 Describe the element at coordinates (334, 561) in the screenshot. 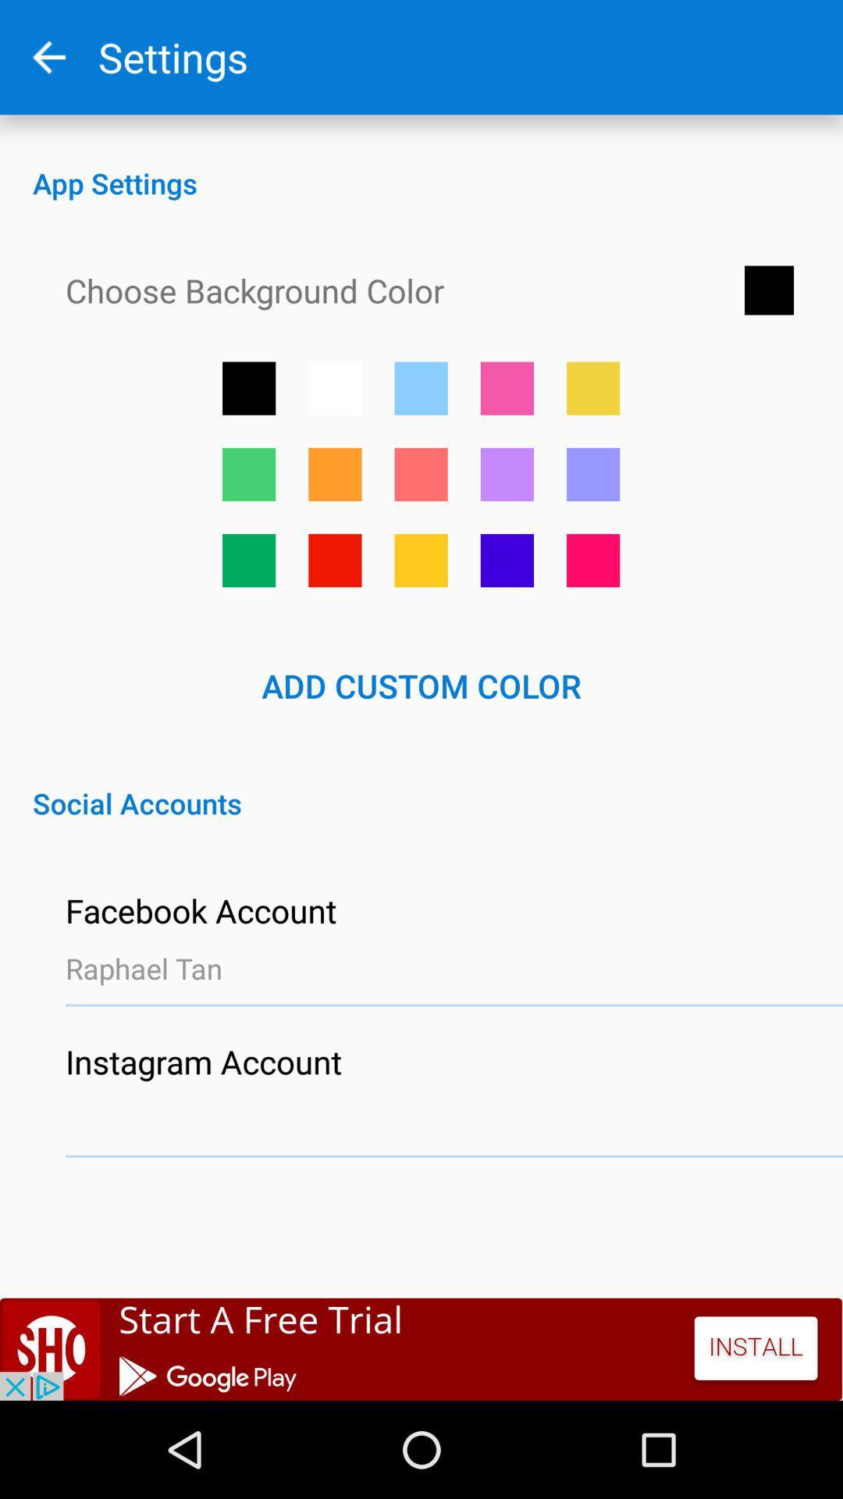

I see `set background color to red` at that location.